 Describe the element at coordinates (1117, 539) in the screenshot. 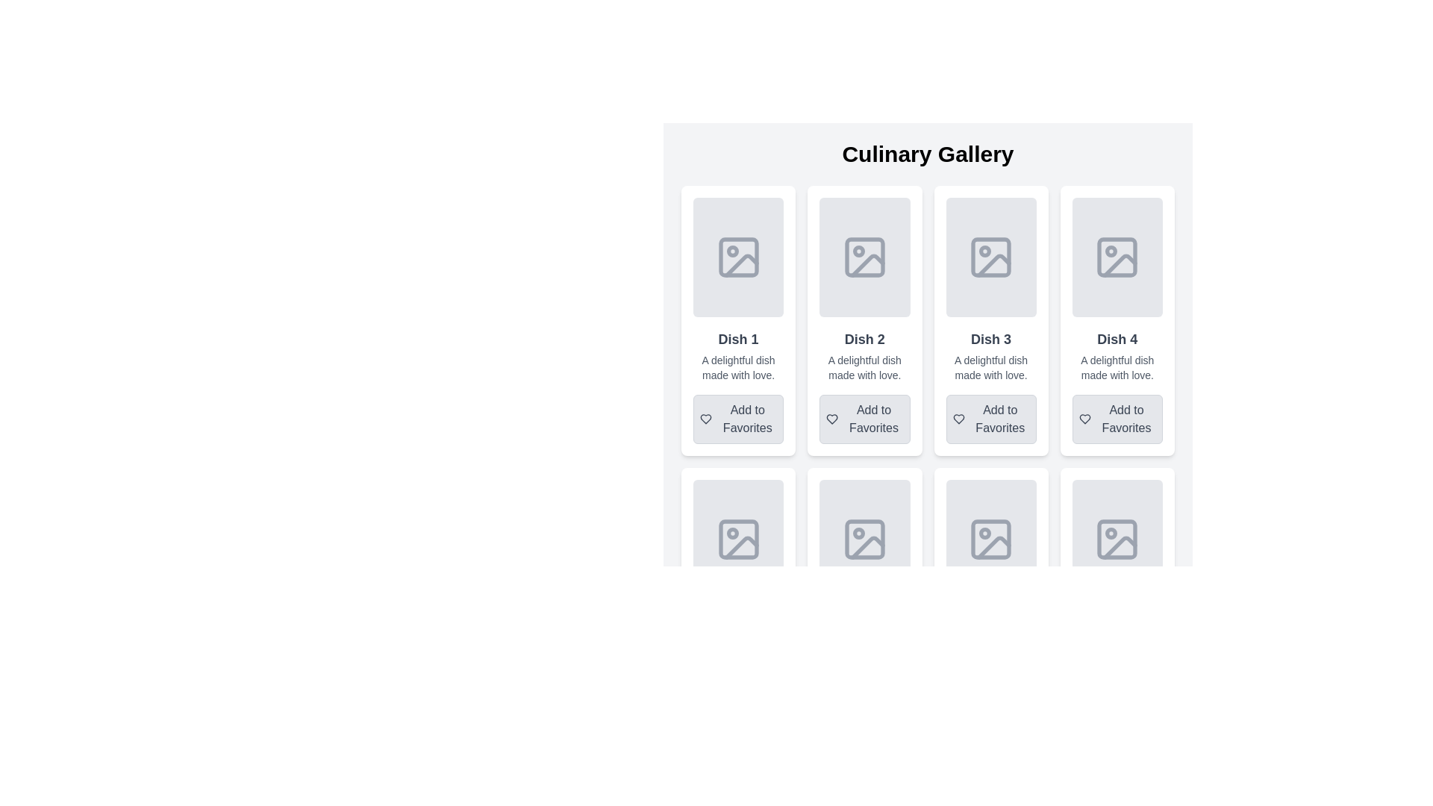

I see `the decorative rectangle with rounded corners, styled with a light gray fill, located at the bottom-right corner within an image placeholder icon in the first card of the second row of a grid layout` at that location.